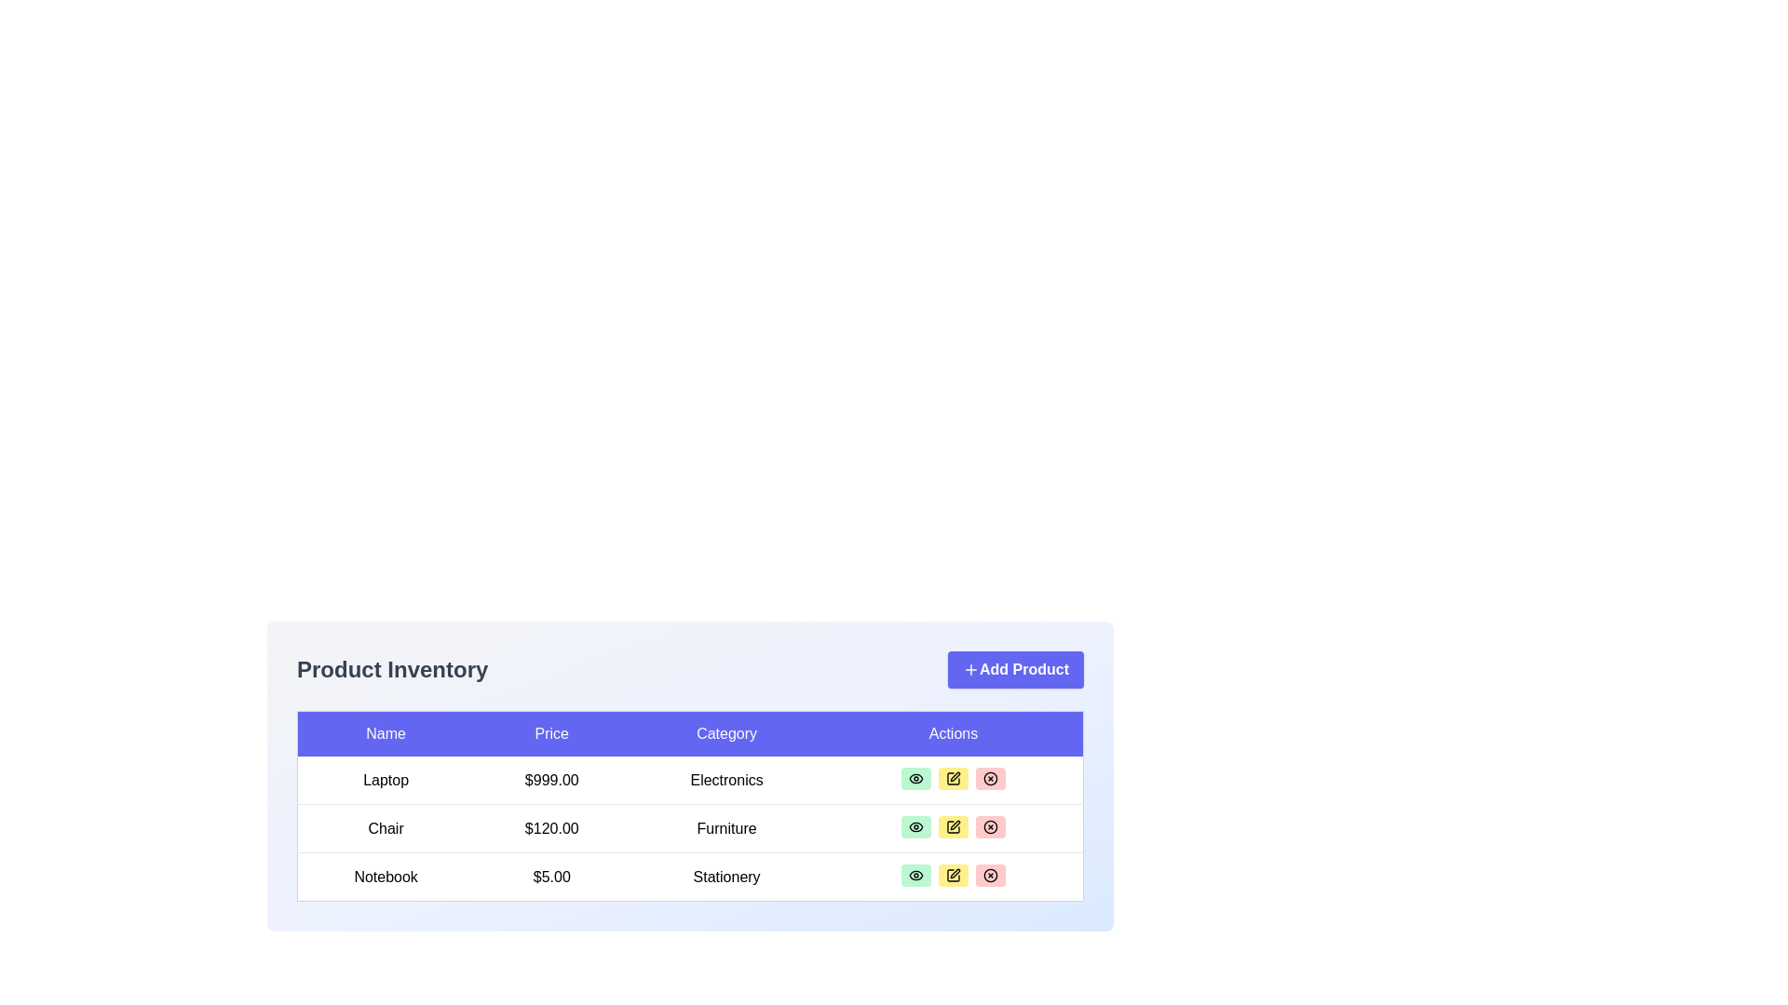 The height and width of the screenshot is (1005, 1788). I want to click on the 'view' button in the 'Actions' column for the 'Laptop' product, so click(915, 779).